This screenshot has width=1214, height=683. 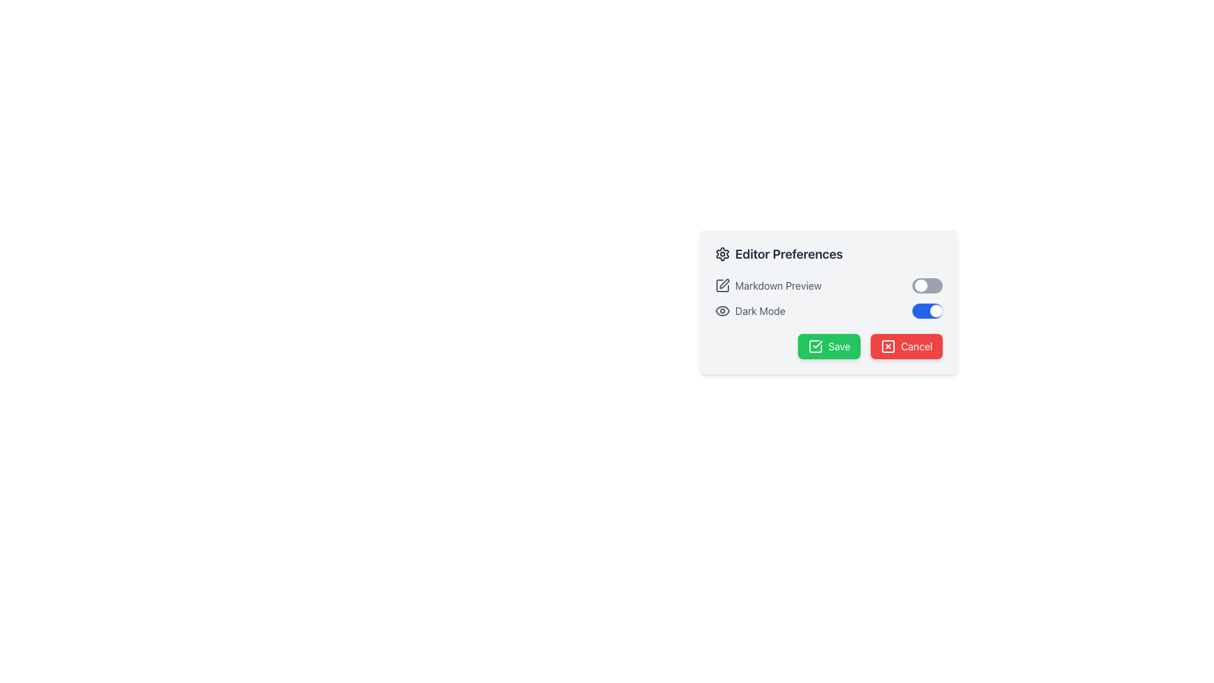 I want to click on the toggle switch for the Markdown Preview feature to switch it on or off, located near the top of the settings section, above the 'Dark Mode' toggle, so click(x=828, y=285).